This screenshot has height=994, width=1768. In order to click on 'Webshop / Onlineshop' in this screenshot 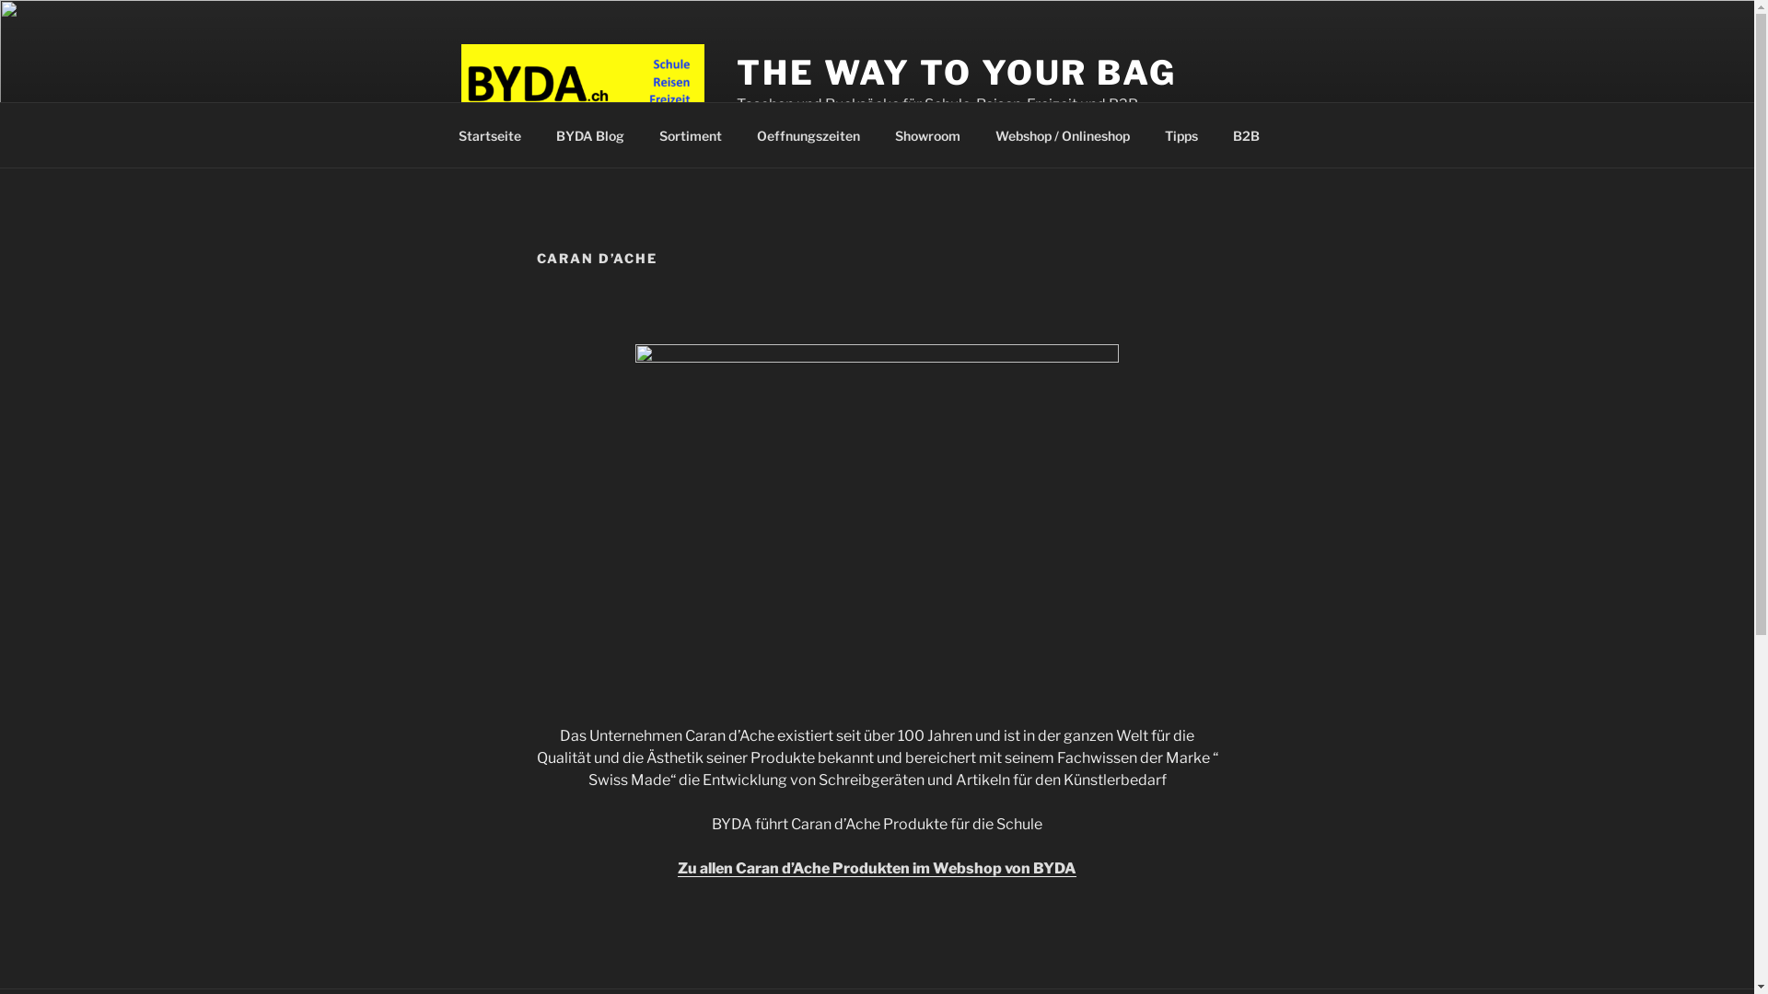, I will do `click(1063, 133)`.